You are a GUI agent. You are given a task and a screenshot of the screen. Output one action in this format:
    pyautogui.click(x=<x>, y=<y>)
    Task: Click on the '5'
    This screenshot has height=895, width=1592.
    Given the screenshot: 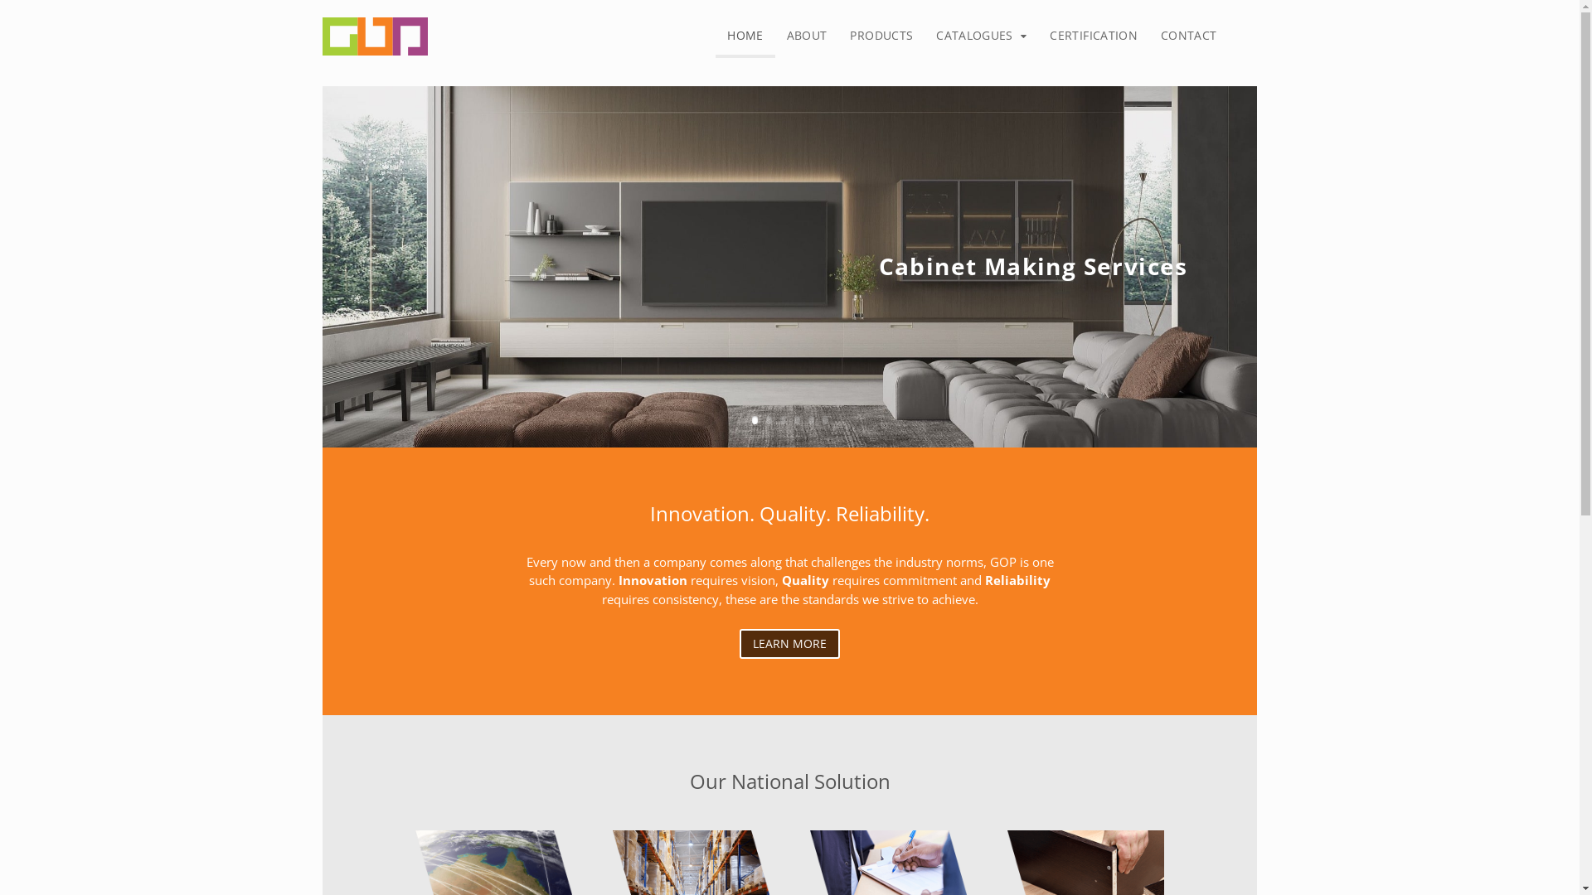 What is the action you would take?
    pyautogui.click(x=808, y=418)
    